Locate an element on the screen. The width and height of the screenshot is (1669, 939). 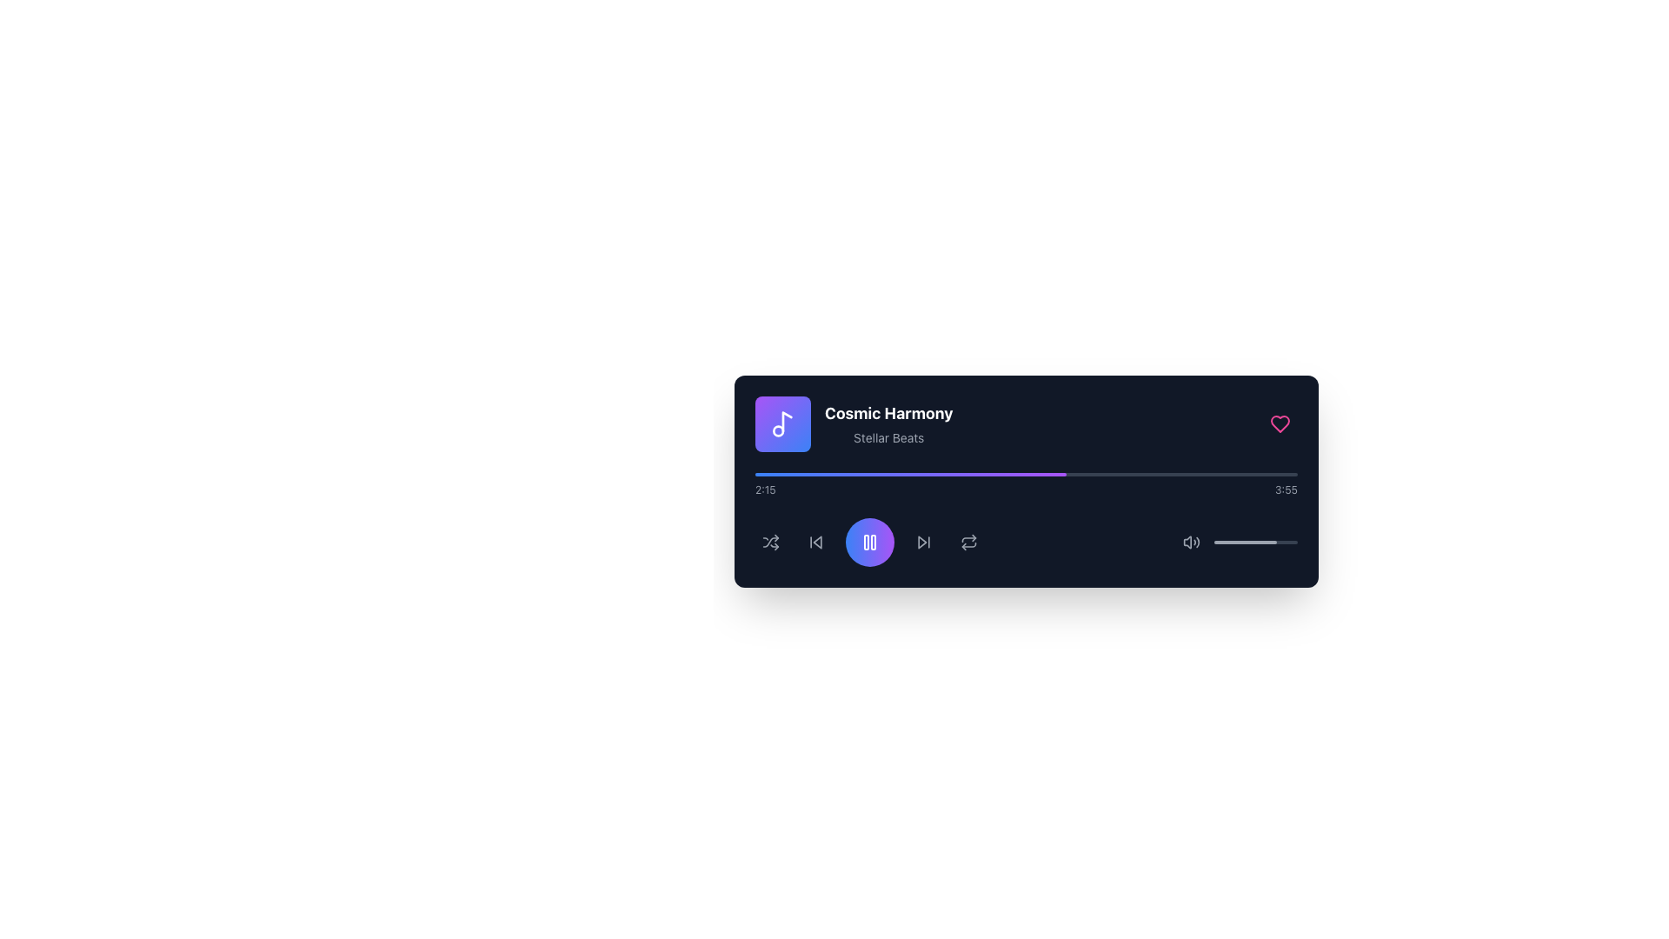
the favorite button located in the upper-right part of the music player interface, adjacent to the track information and above the progress bar is located at coordinates (1280, 424).